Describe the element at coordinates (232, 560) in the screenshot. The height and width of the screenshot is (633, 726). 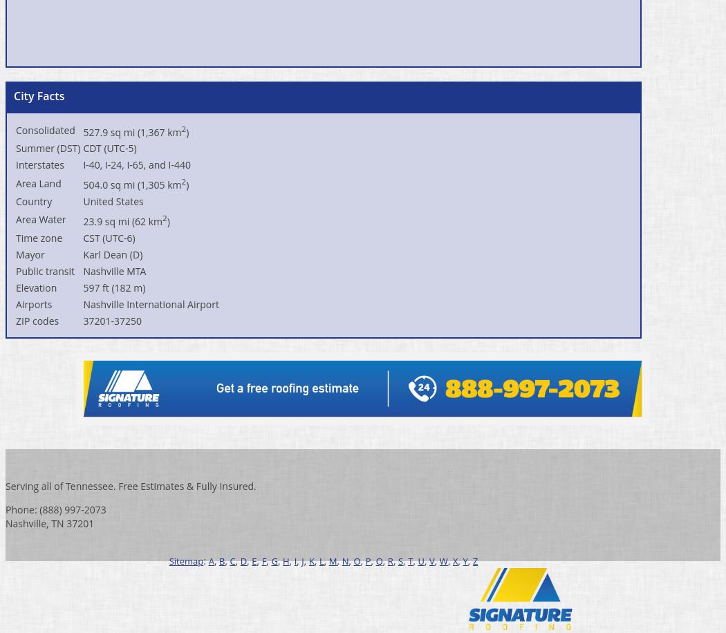
I see `'C'` at that location.